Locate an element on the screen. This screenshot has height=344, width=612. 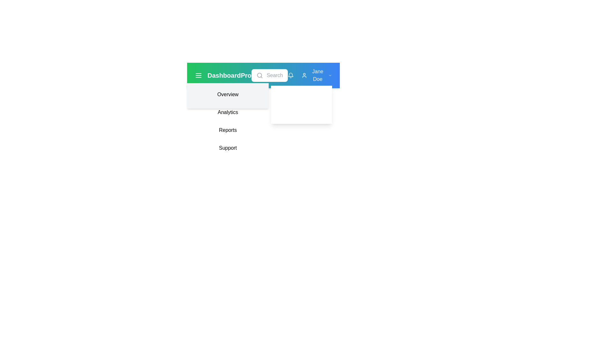
the search input field in the navigation bar to focus on it is located at coordinates (270, 75).